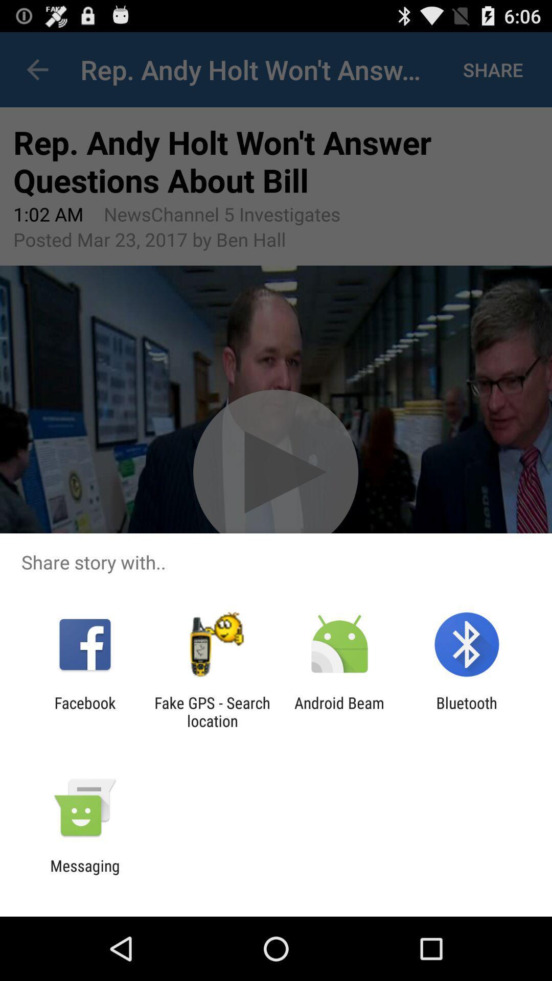  I want to click on android beam item, so click(339, 711).